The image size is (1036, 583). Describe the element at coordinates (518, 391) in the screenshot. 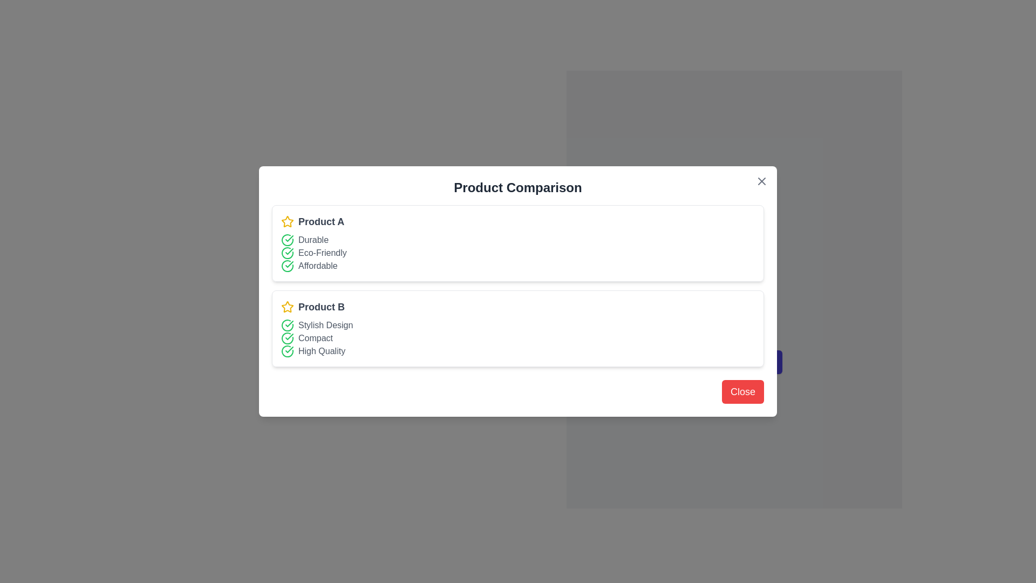

I see `the dismiss button located at the bottom-right corner of the modal dialog` at that location.